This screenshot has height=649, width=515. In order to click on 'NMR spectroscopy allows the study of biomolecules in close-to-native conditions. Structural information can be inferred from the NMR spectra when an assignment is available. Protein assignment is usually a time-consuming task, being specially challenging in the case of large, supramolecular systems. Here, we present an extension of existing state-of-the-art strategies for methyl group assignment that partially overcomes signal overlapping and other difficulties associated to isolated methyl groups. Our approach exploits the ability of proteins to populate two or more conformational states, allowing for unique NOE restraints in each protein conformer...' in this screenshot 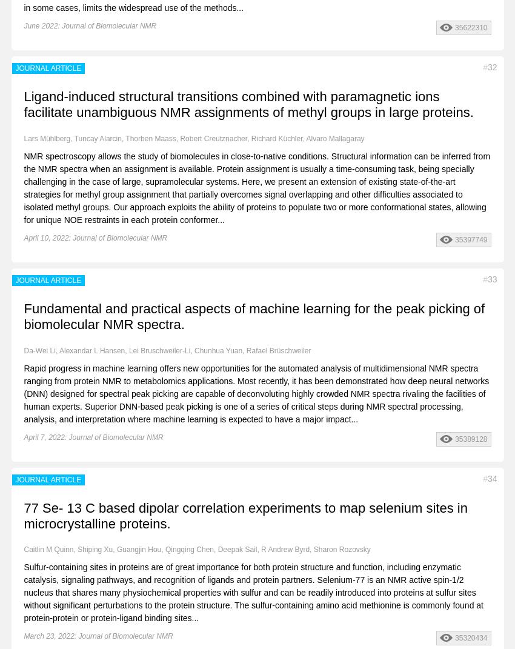, I will do `click(256, 187)`.